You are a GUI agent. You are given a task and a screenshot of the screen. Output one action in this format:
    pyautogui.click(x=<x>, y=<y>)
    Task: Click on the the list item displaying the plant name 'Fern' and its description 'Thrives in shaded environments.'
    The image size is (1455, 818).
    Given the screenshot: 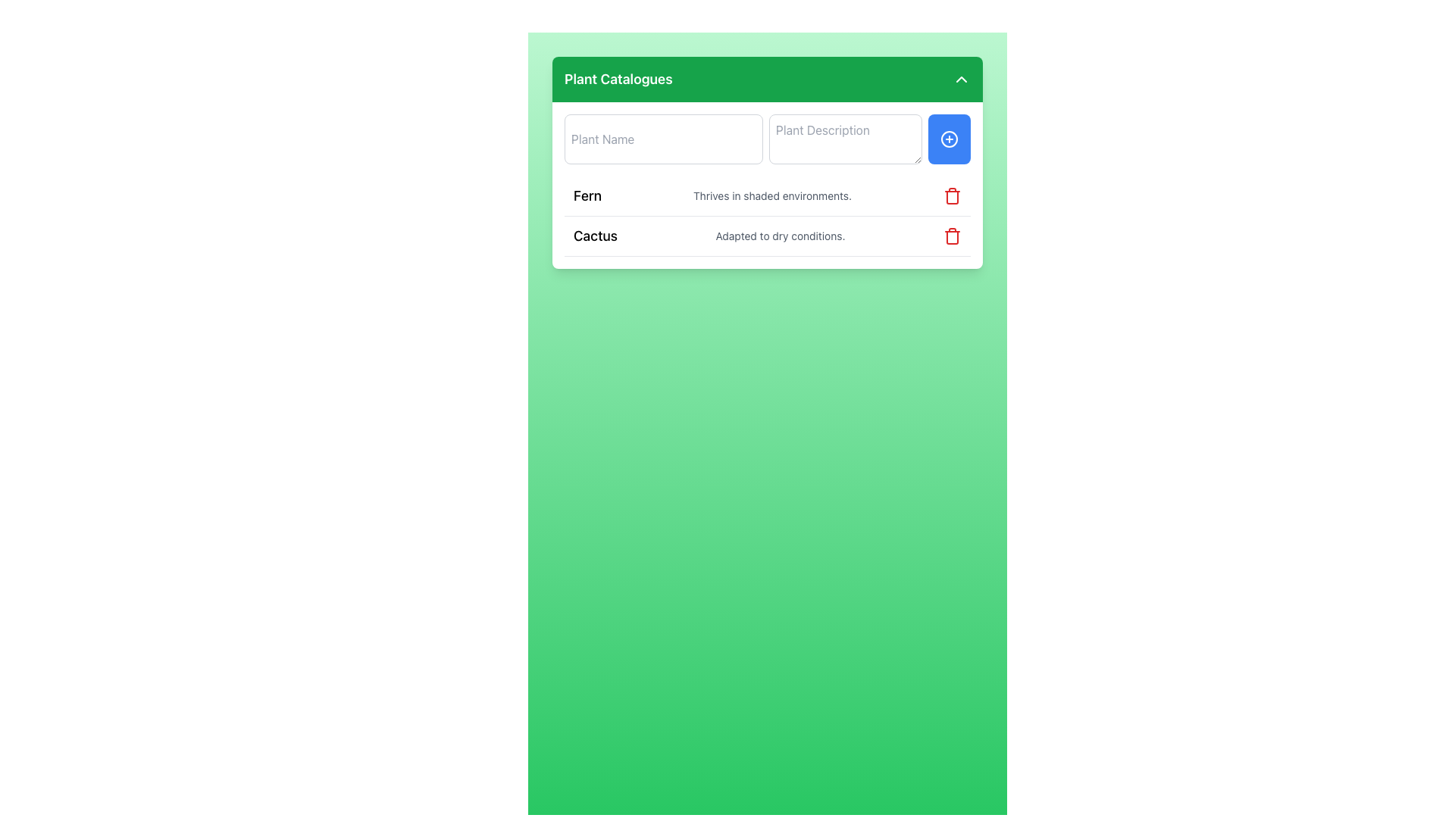 What is the action you would take?
    pyautogui.click(x=767, y=195)
    